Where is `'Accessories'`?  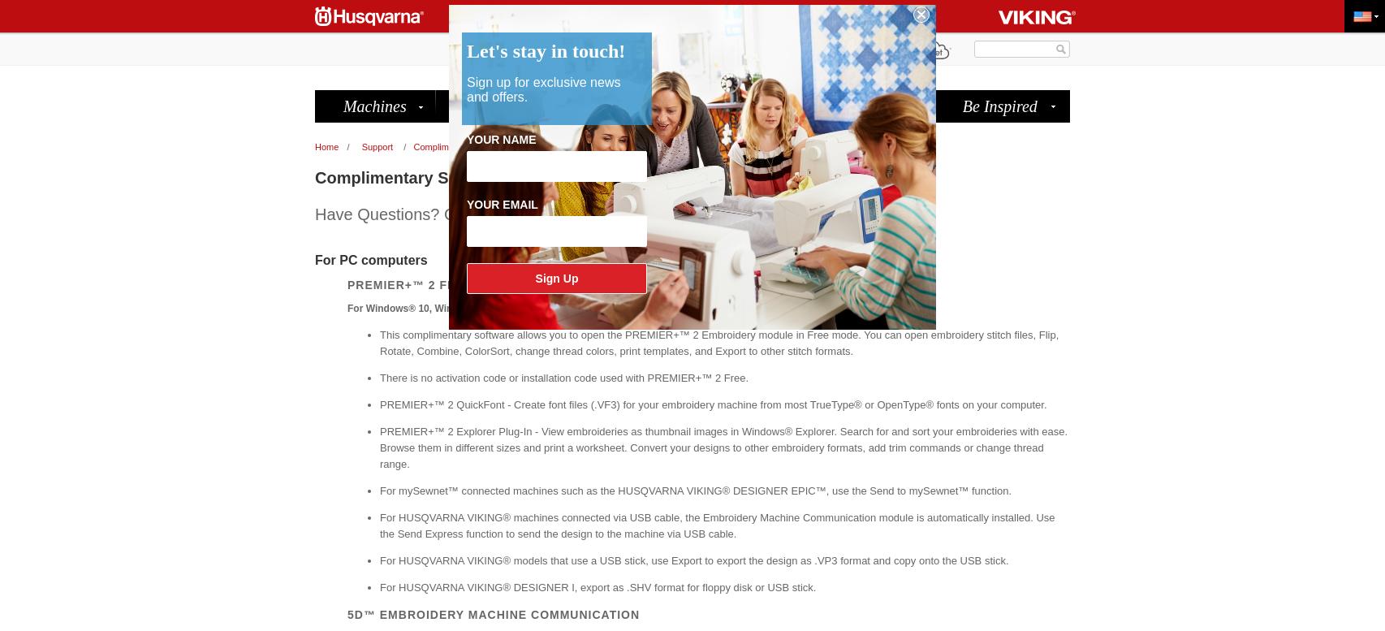 'Accessories' is located at coordinates (506, 106).